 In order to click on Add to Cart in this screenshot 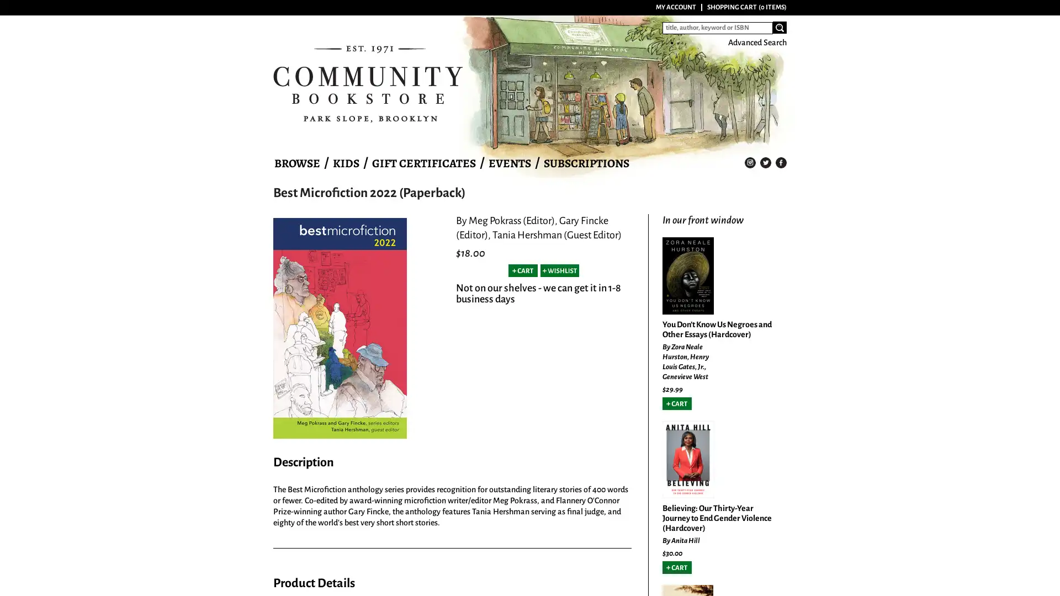, I will do `click(676, 403)`.